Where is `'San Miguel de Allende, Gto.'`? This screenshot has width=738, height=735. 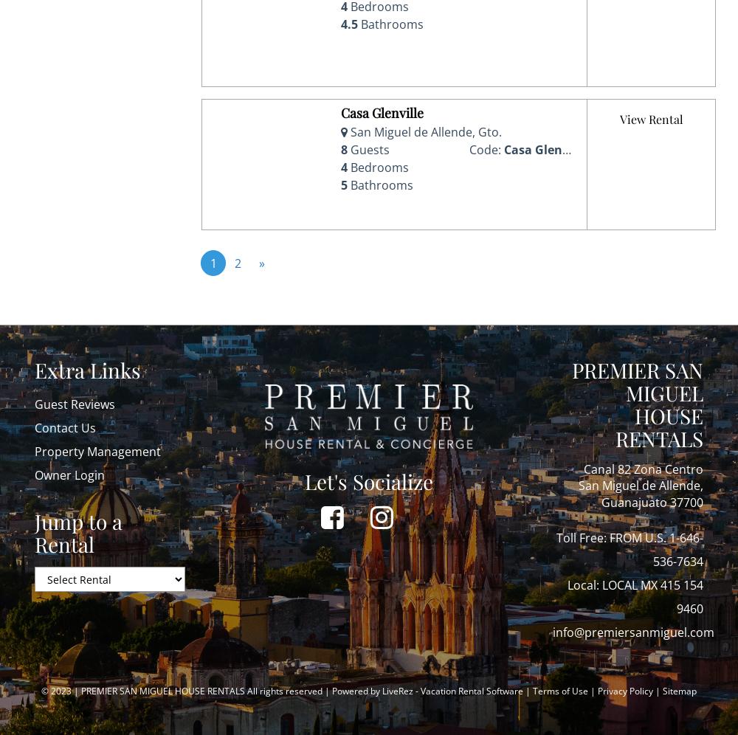
'San Miguel de Allende, Gto.' is located at coordinates (424, 131).